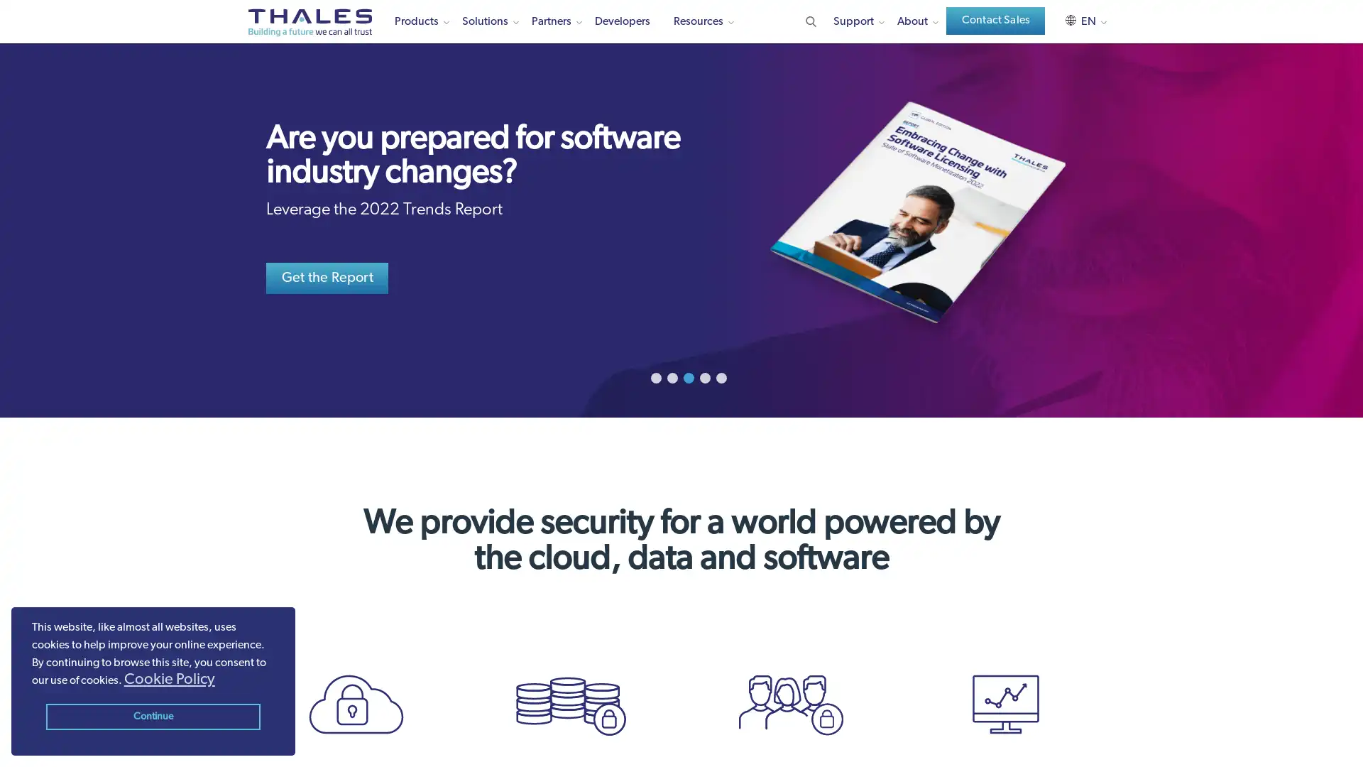 The image size is (1363, 767). What do you see at coordinates (153, 717) in the screenshot?
I see `dismiss cookie message` at bounding box center [153, 717].